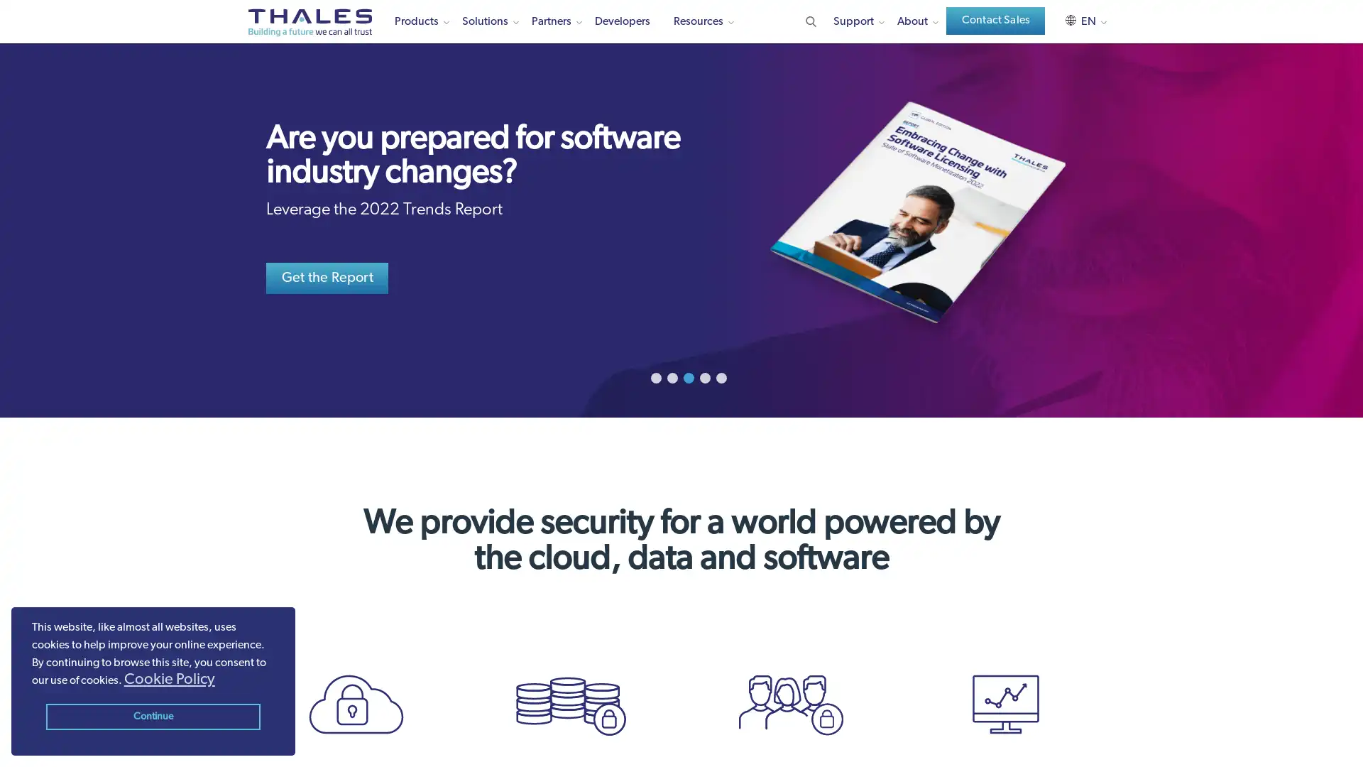 The image size is (1363, 767). What do you see at coordinates (153, 717) in the screenshot?
I see `dismiss cookie message` at bounding box center [153, 717].